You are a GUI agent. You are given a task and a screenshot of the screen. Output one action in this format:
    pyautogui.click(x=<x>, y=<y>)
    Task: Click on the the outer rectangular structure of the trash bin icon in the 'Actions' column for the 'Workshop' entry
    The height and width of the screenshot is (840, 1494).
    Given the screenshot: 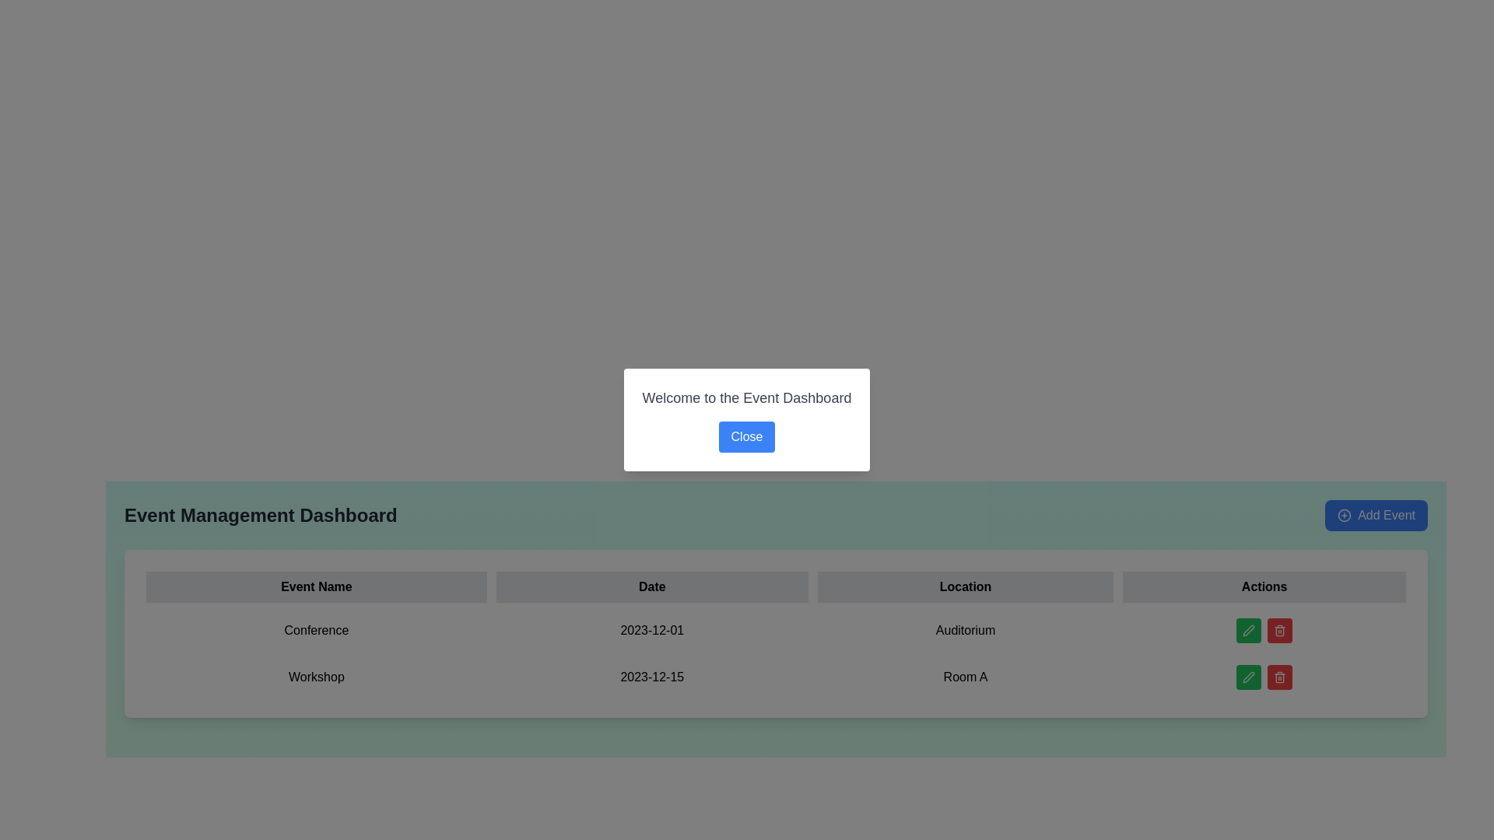 What is the action you would take?
    pyautogui.click(x=1280, y=677)
    